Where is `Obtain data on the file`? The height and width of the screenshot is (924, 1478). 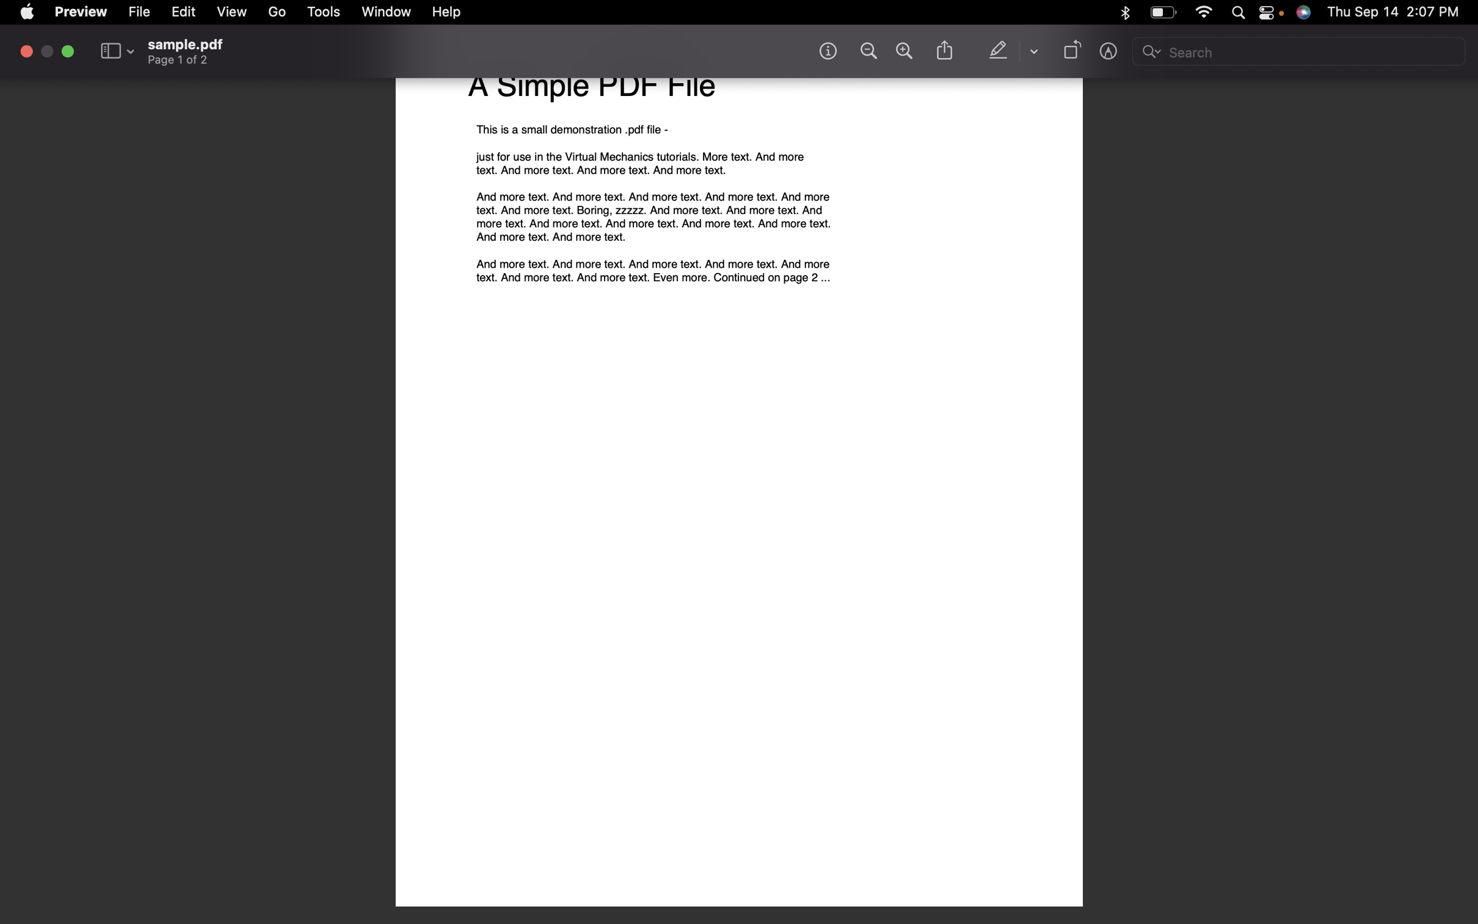 Obtain data on the file is located at coordinates (828, 50).